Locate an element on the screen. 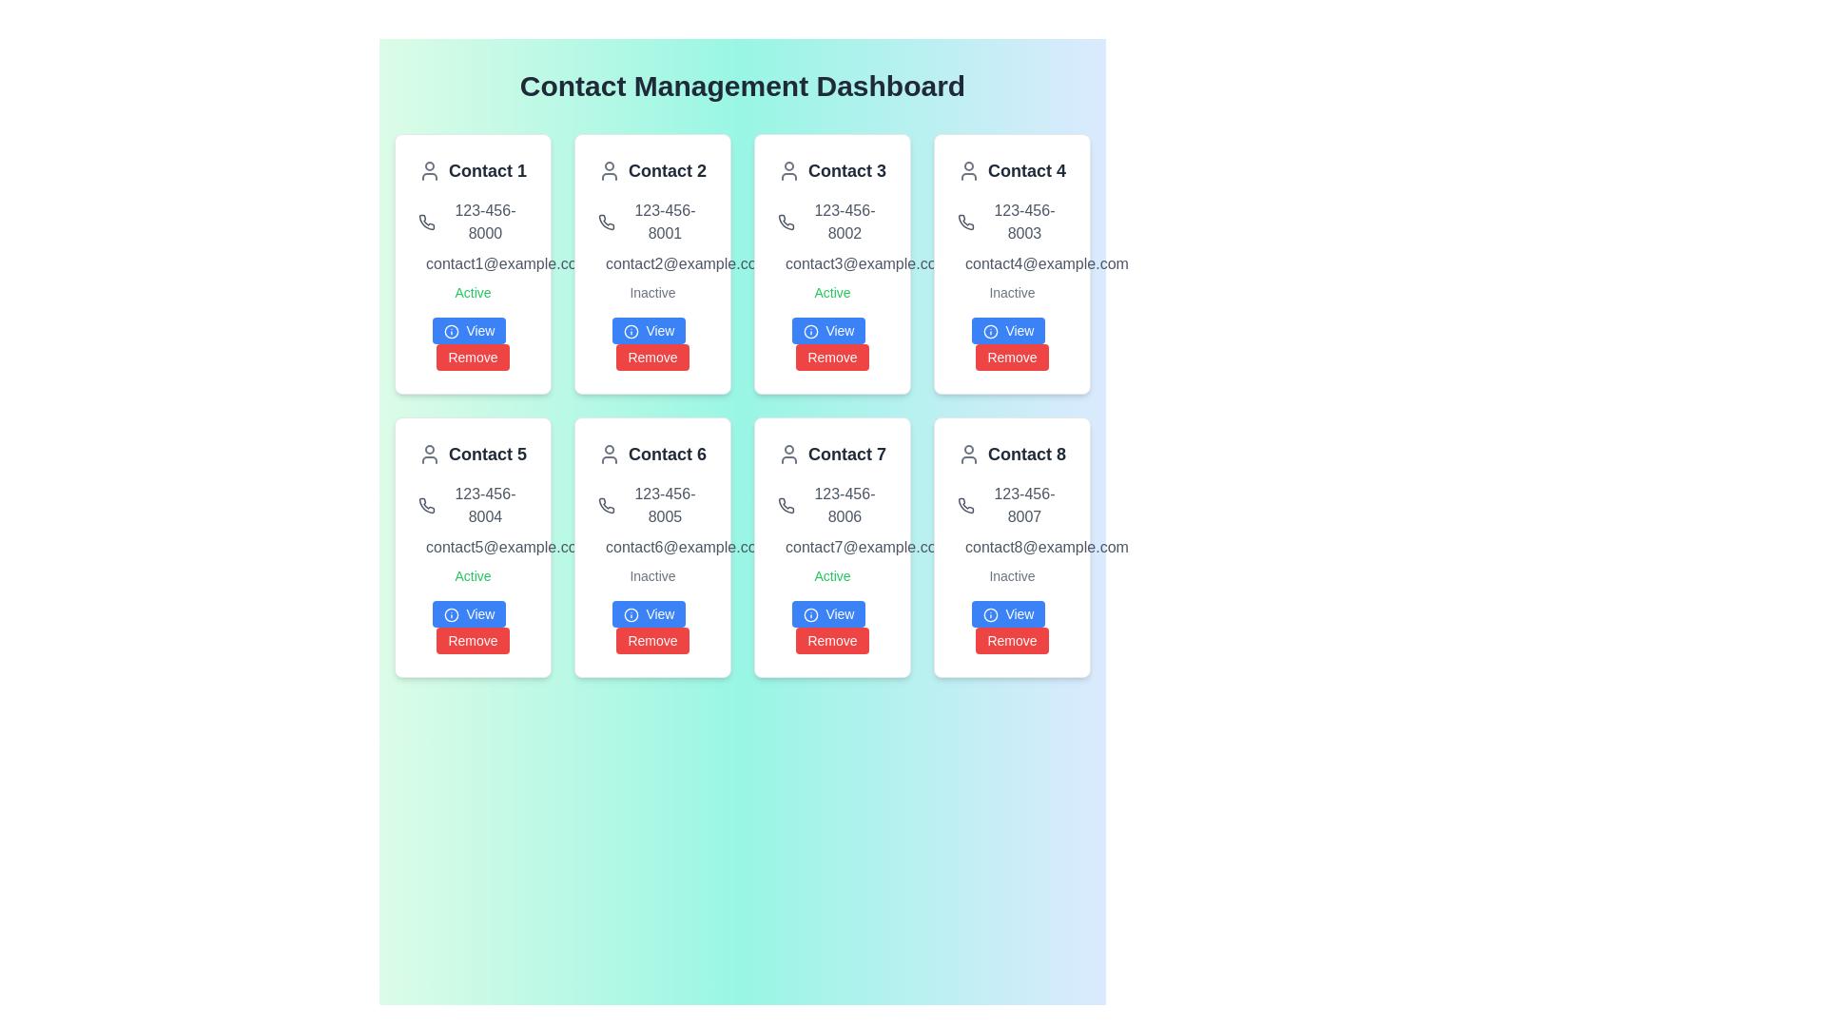 The width and height of the screenshot is (1826, 1027). the curved phone receiver icon located within the 'Contact 6' card in the second row and second column of the grid layout is located at coordinates (606, 505).